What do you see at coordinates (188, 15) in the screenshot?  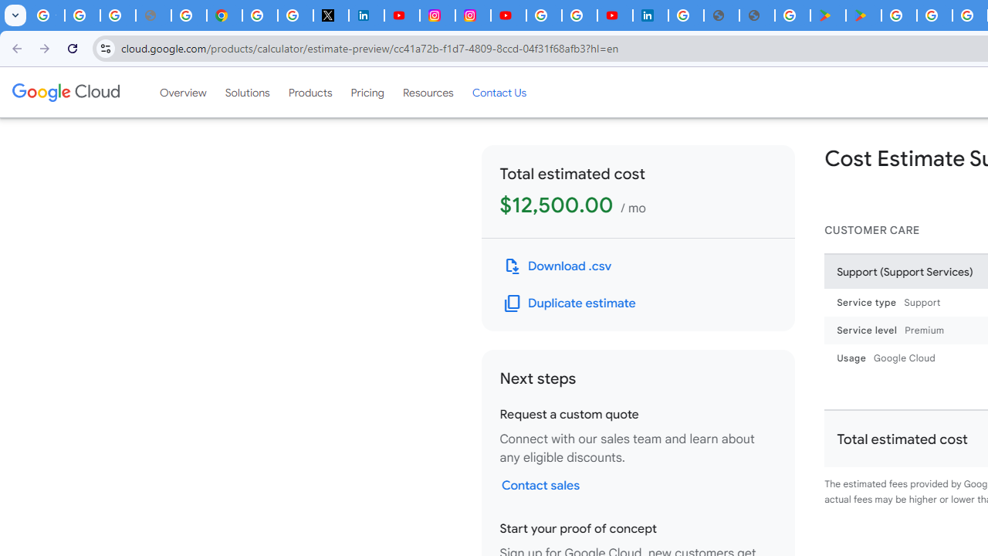 I see `'Privacy Help Center - Policies Help'` at bounding box center [188, 15].